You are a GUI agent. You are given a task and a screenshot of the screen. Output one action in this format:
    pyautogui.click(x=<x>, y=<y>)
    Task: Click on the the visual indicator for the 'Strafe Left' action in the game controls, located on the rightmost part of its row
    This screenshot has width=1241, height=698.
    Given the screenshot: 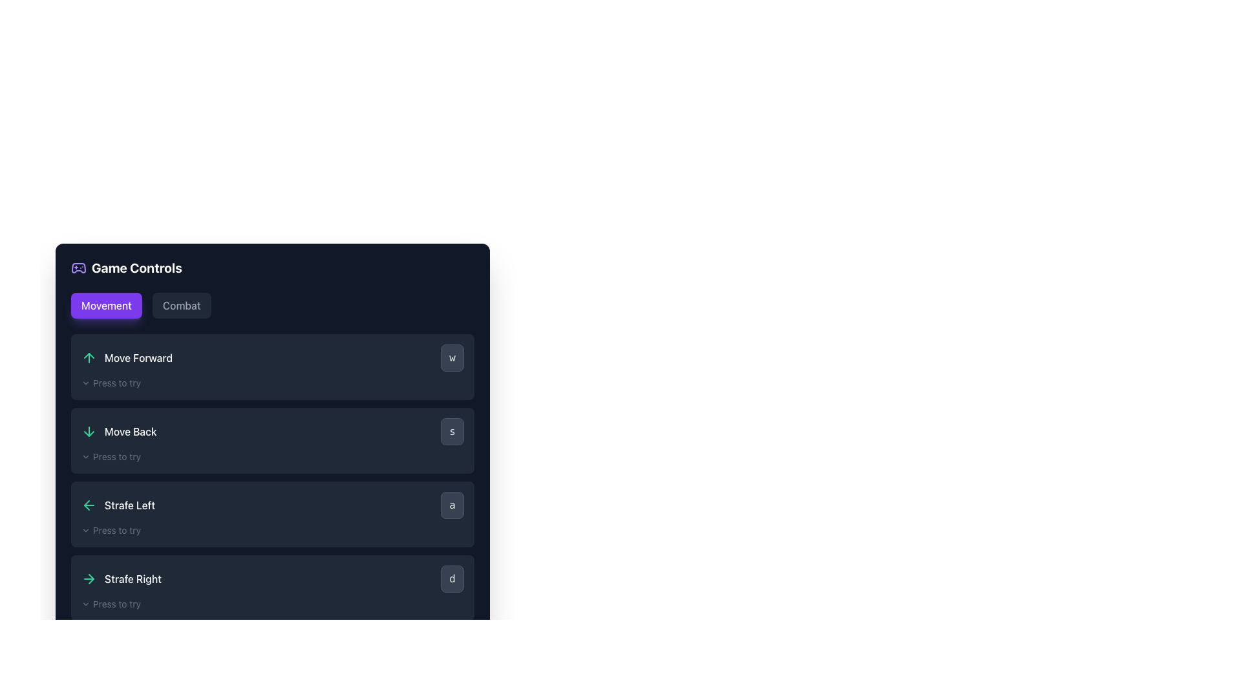 What is the action you would take?
    pyautogui.click(x=452, y=505)
    